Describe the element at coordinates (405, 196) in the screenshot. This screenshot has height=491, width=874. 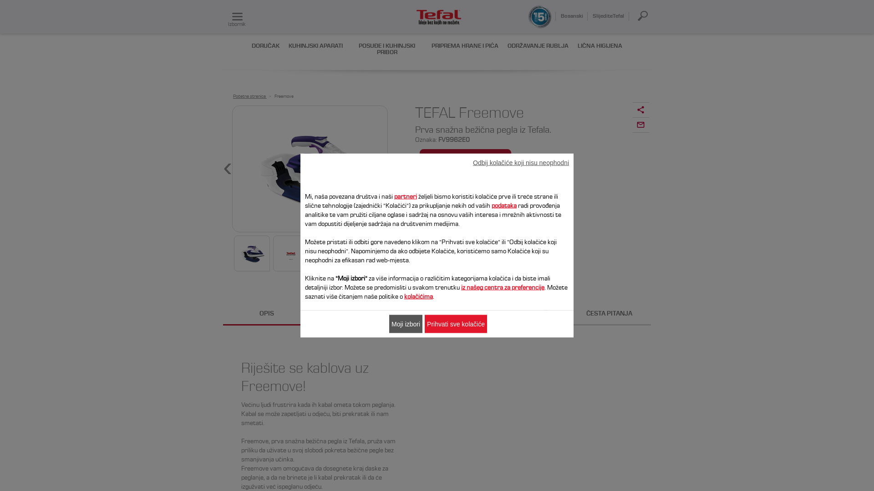
I see `'partneri'` at that location.